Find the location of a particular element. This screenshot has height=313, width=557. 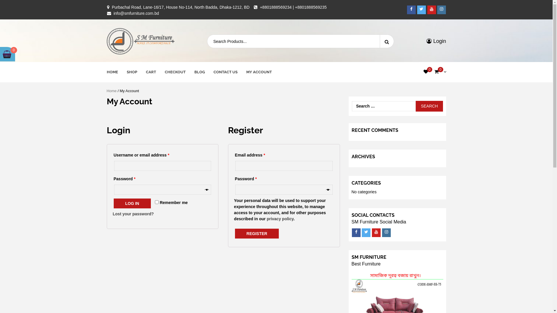

'Twitter' is located at coordinates (422, 10).